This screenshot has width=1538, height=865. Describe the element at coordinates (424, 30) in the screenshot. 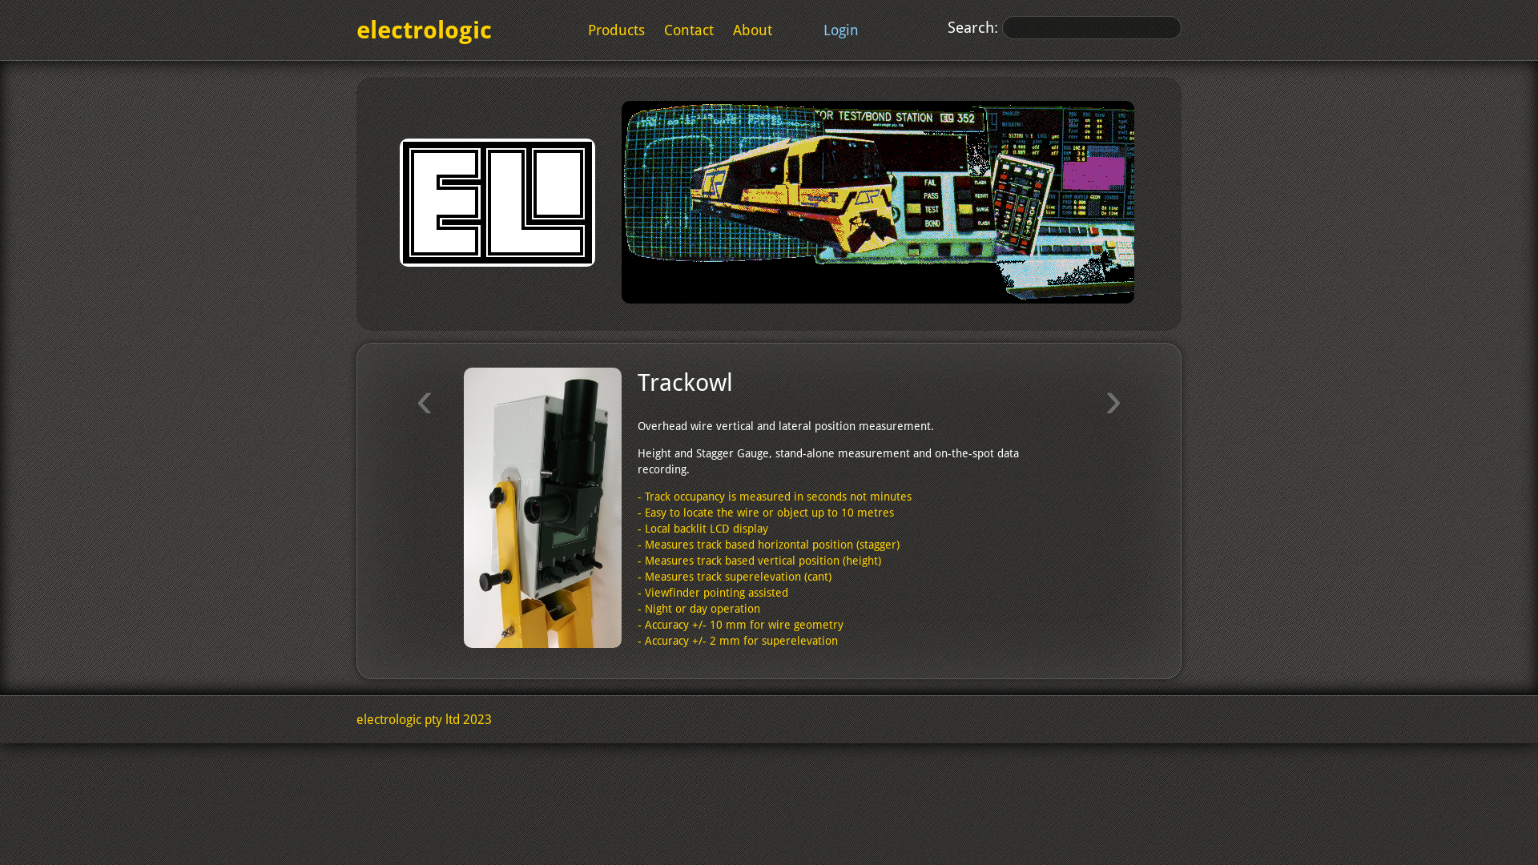

I see `'electrologic'` at that location.